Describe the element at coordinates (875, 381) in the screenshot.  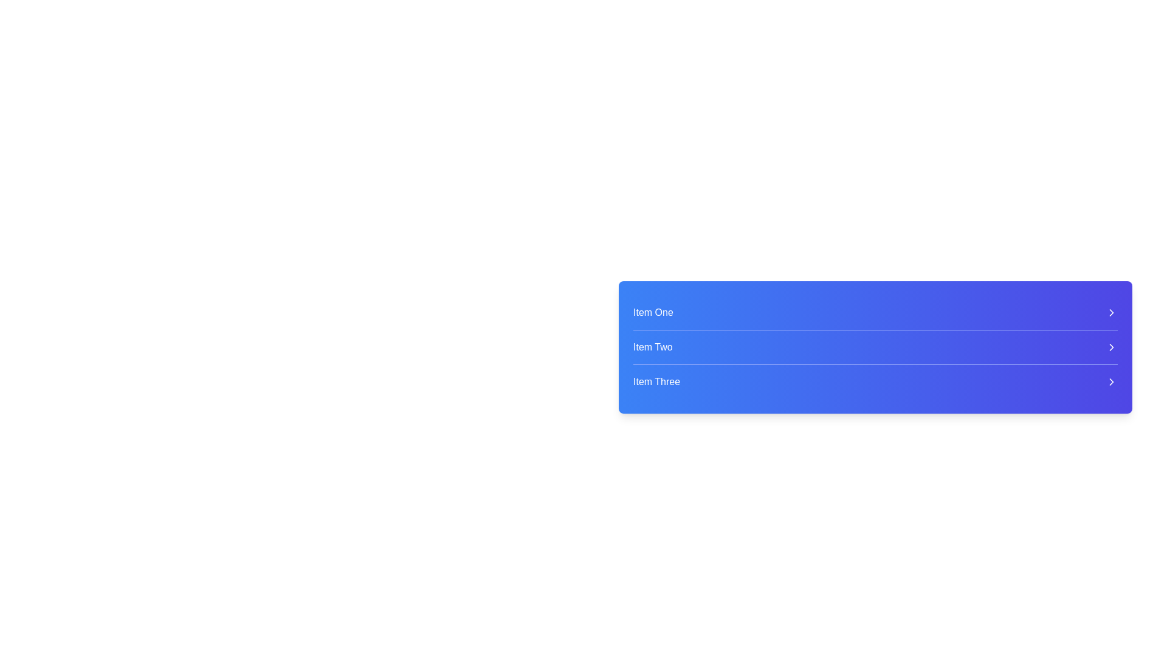
I see `the third list item labeled 'Item Three'` at that location.